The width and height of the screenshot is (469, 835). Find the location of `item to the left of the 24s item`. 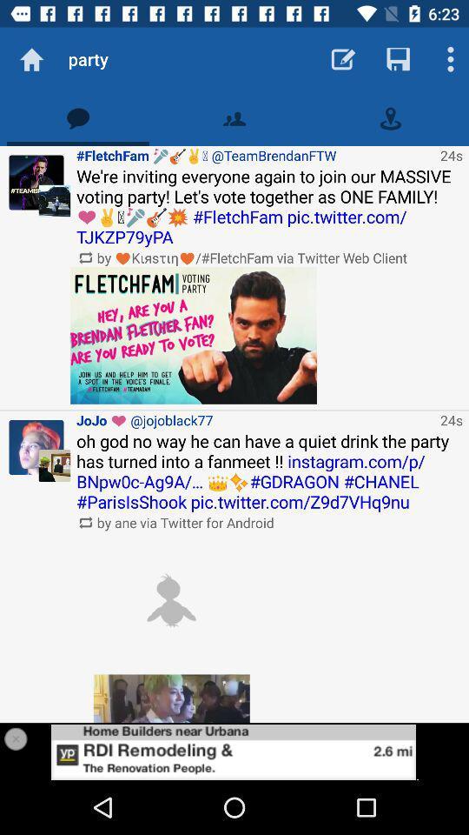

item to the left of the 24s item is located at coordinates (193, 334).